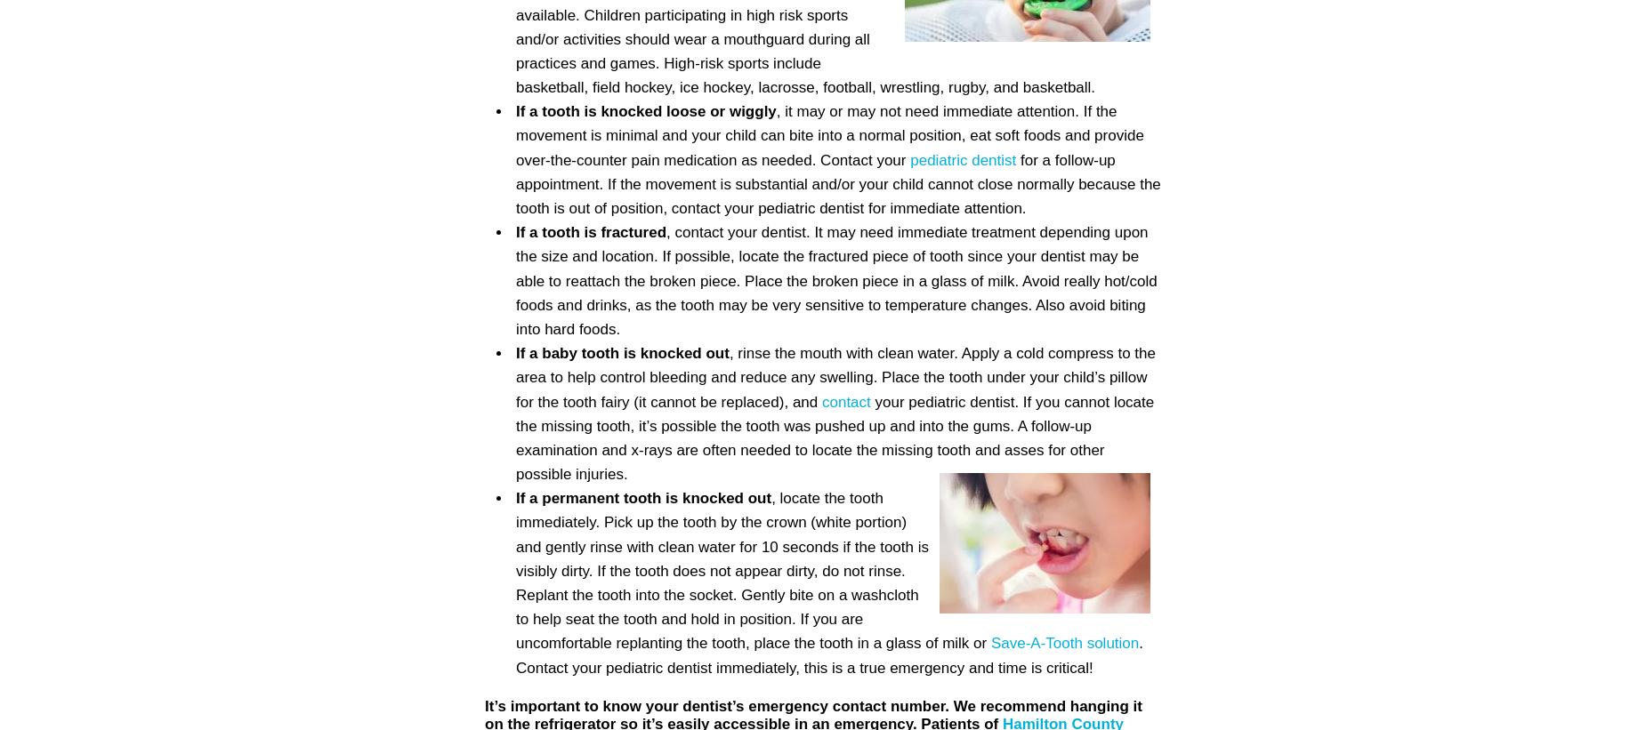 The height and width of the screenshot is (730, 1646). I want to click on ', contact your dentist. It may need immediate treatment depending upon the size and location. If possible, locate the fractured piece of tooth since your dentist may be able to reattach the broken piece. Place the broken piece in a glass of milk. Avoid really hot/cold foods and drinks, as the tooth may be very sensitive to temperature changes. Also avoid biting into hard foods.', so click(515, 279).